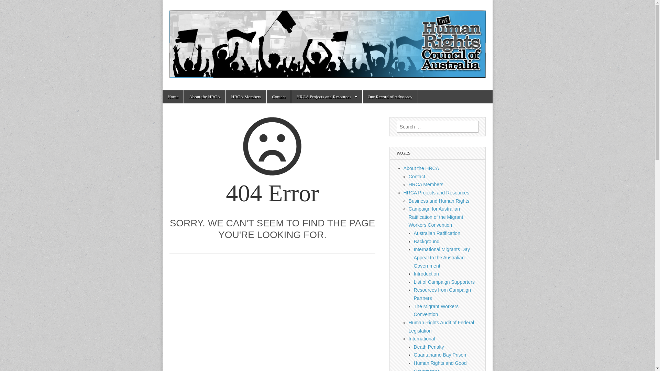  What do you see at coordinates (279, 97) in the screenshot?
I see `'Contact'` at bounding box center [279, 97].